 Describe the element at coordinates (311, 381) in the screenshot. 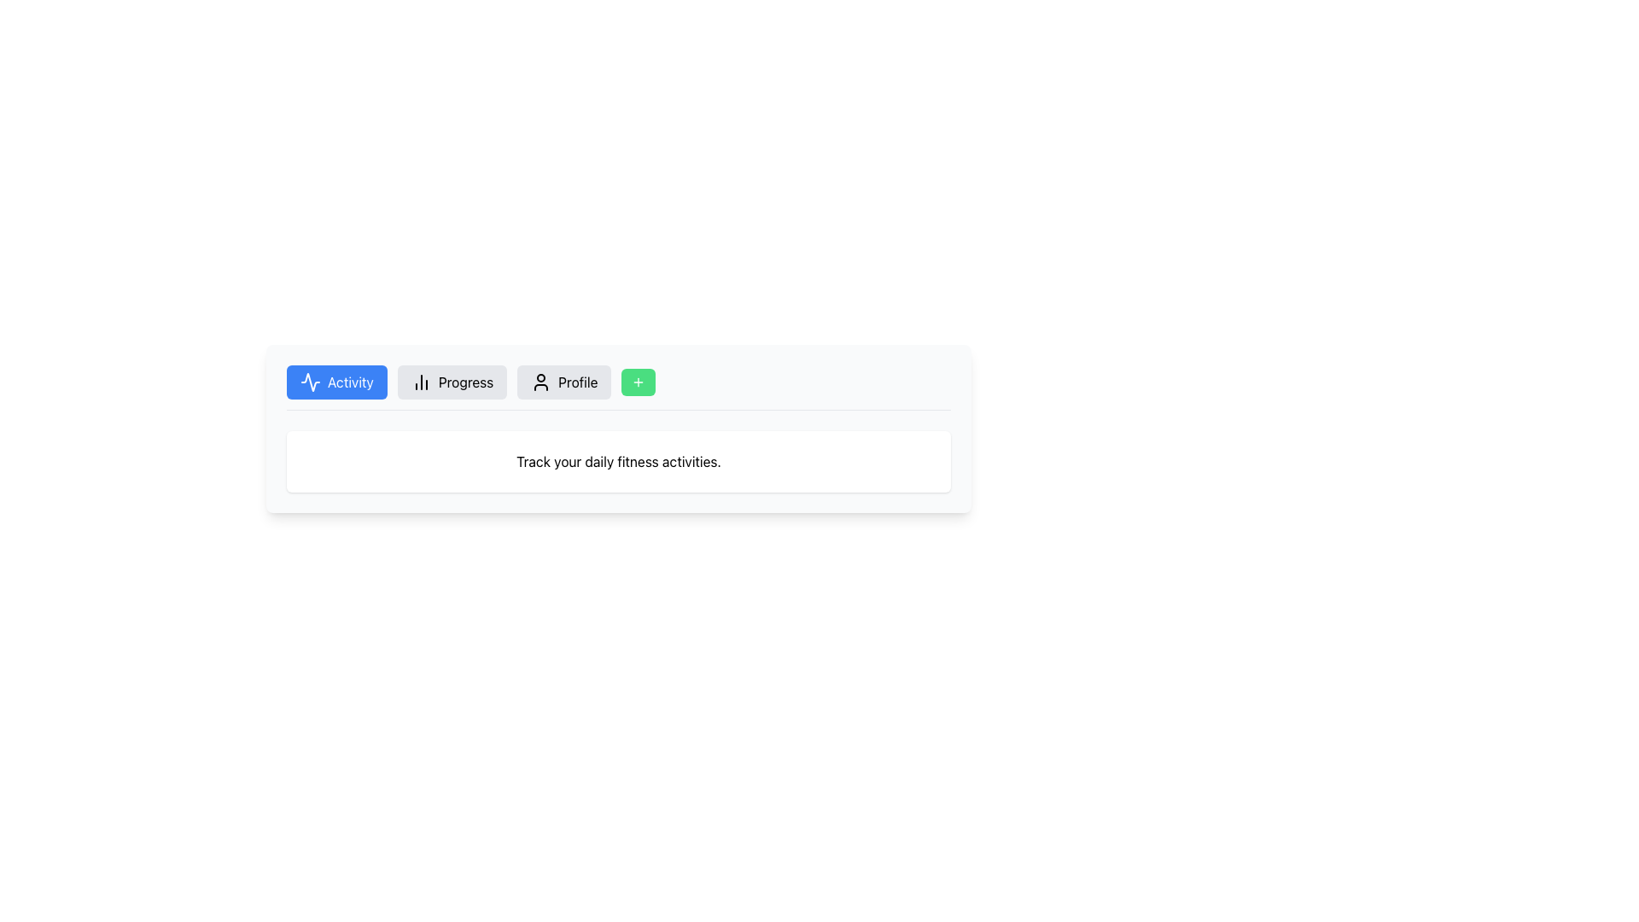

I see `the 'Activity' button which contains an icon depicting an activity pulse or wave with a blue background and white outline, located at the leftmost part of the button` at that location.